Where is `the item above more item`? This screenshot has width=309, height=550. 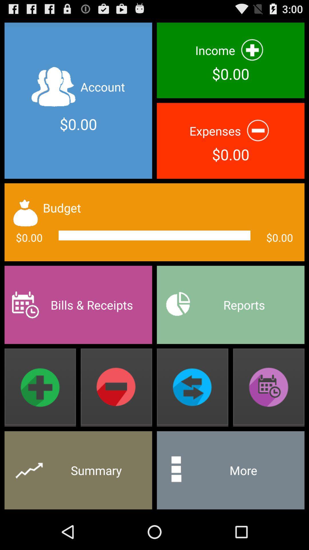
the item above more item is located at coordinates (269, 388).